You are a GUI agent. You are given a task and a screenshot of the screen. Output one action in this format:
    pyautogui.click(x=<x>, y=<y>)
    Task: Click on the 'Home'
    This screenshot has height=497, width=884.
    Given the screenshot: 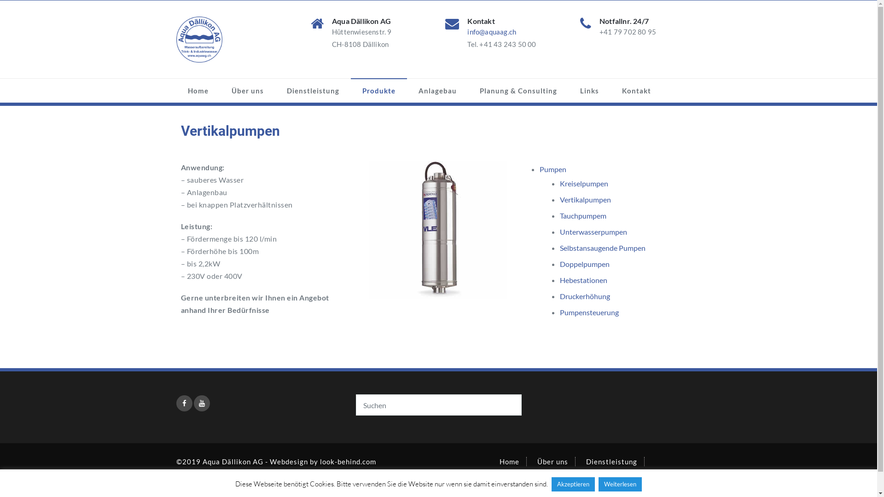 What is the action you would take?
    pyautogui.click(x=197, y=90)
    